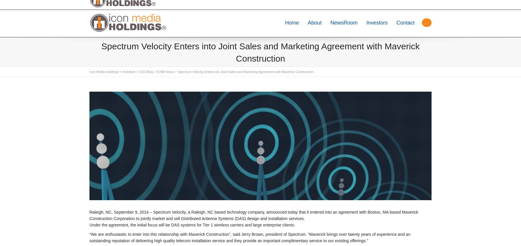 This screenshot has height=246, width=521. What do you see at coordinates (89, 238) in the screenshot?
I see `'“We are enthusiastic to enter into this relationship with Maverick Construction”, said Jerry Brown, president of Spectrum. “Maverick brings over twenty years of experience and an outstanding reputation of delivering high quality telecom installation service and they provide an important complimentary service to our existing offerings.”'` at bounding box center [89, 238].